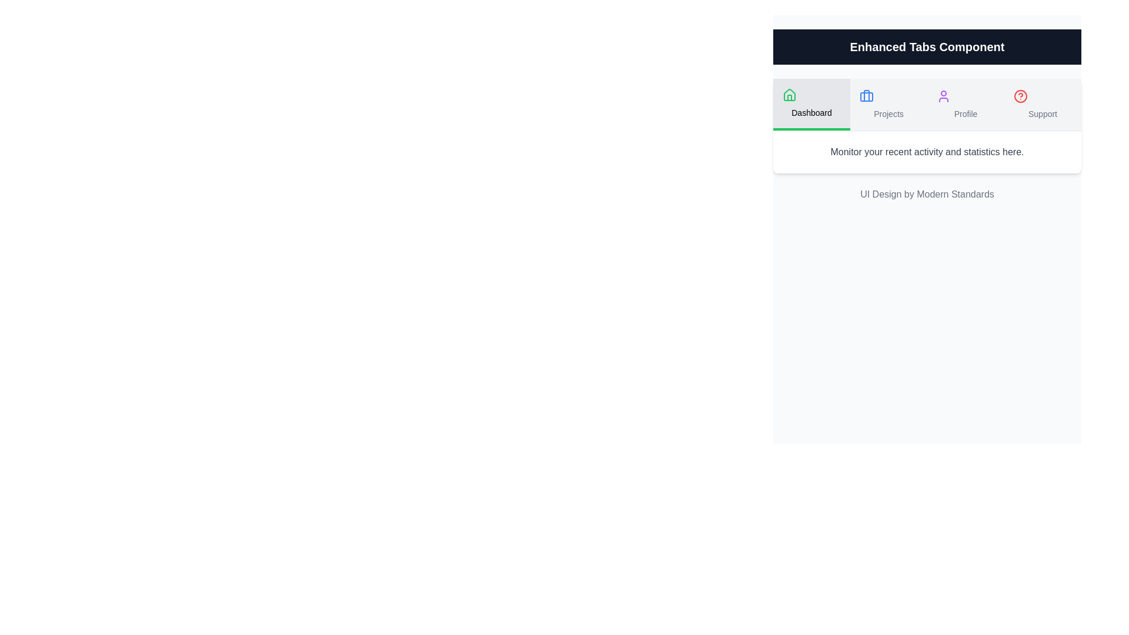 Image resolution: width=1129 pixels, height=635 pixels. What do you see at coordinates (811, 103) in the screenshot?
I see `the 'Dashboard' navigation tab located on the left side of the tab group` at bounding box center [811, 103].